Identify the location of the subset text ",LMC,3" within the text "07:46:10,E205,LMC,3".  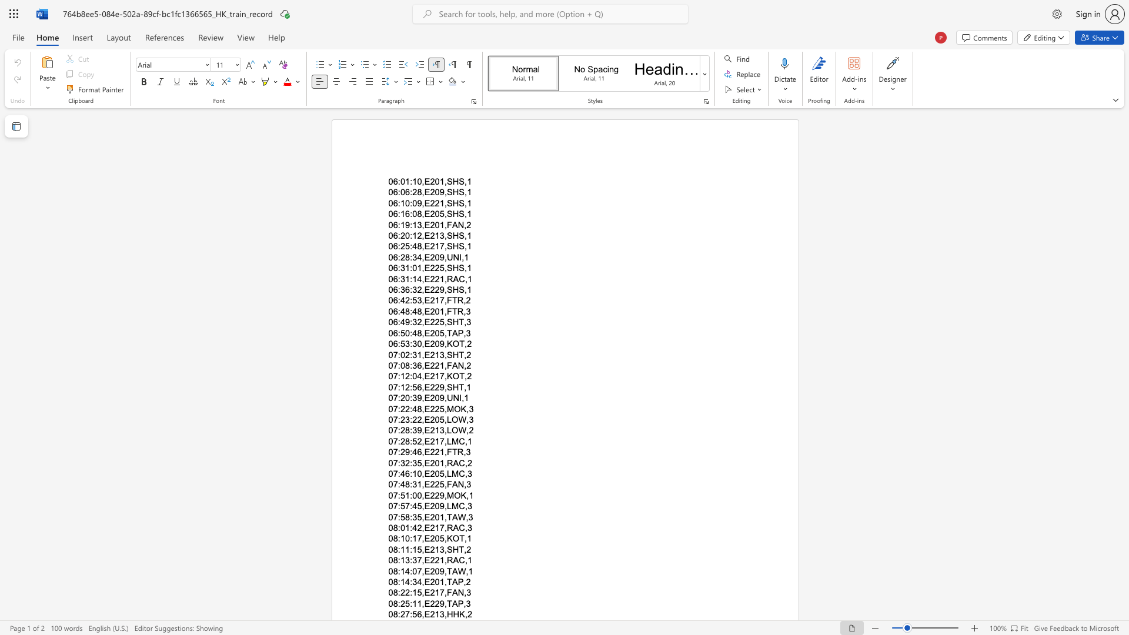
(443, 473).